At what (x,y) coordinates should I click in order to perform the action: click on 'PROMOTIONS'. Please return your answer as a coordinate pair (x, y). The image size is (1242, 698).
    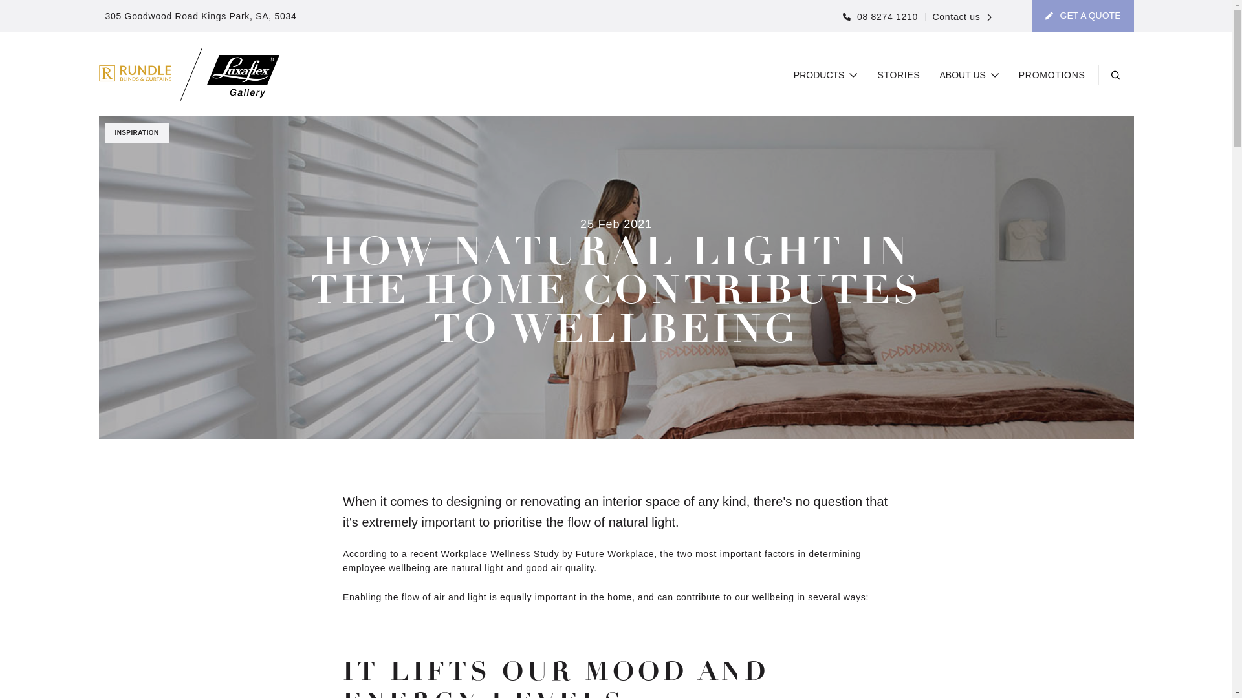
    Looking at the image, I should click on (1052, 75).